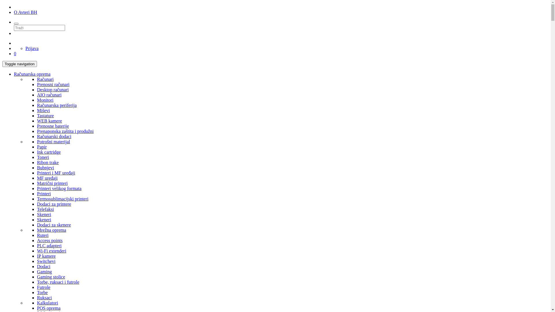 This screenshot has width=555, height=312. I want to click on 'IP kamere', so click(46, 256).